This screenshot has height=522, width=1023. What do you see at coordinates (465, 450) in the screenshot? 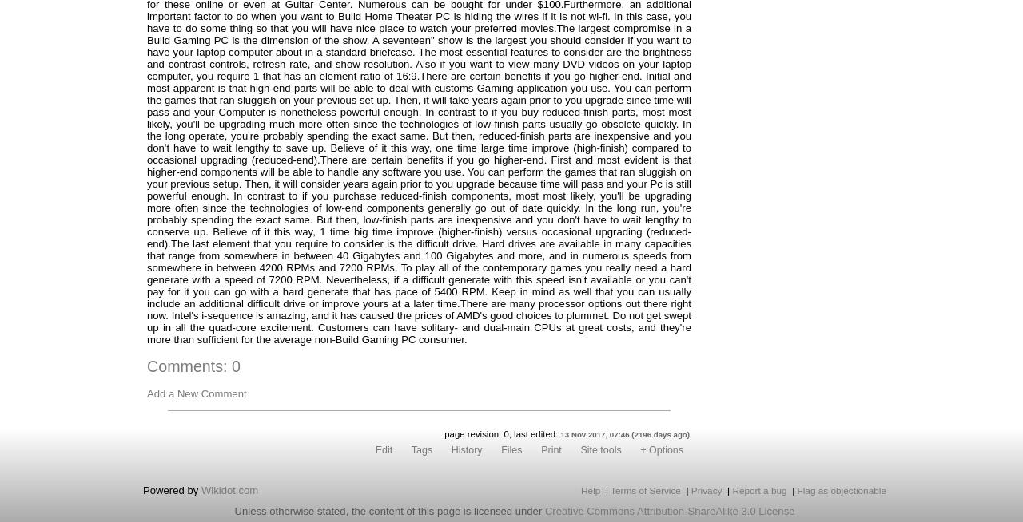
I see `'History'` at bounding box center [465, 450].